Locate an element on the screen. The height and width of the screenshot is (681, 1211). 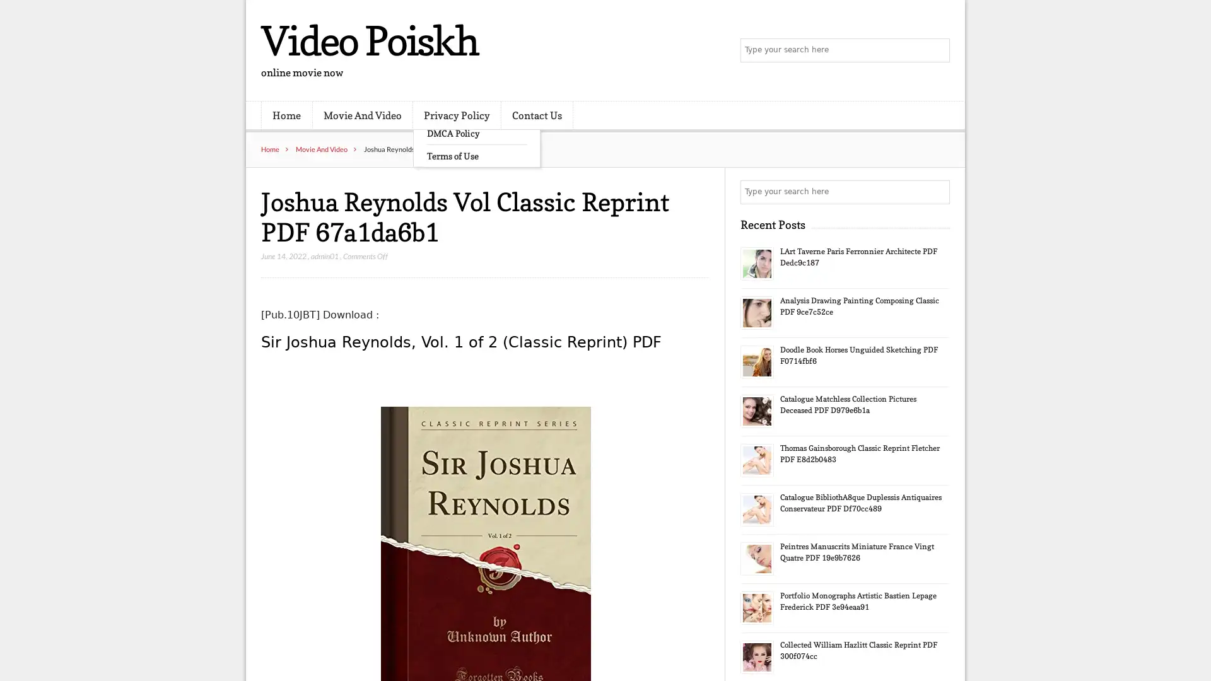
Search is located at coordinates (937, 50).